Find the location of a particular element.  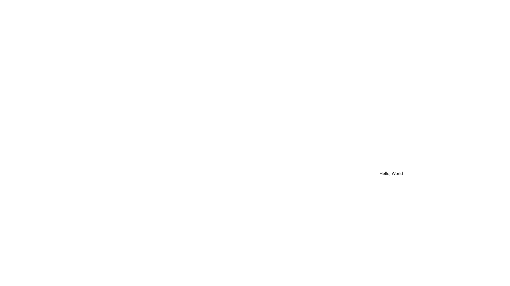

the static text displaying 'Hello, World' which is centrally aligned in a fixed panel with a white background is located at coordinates (391, 173).